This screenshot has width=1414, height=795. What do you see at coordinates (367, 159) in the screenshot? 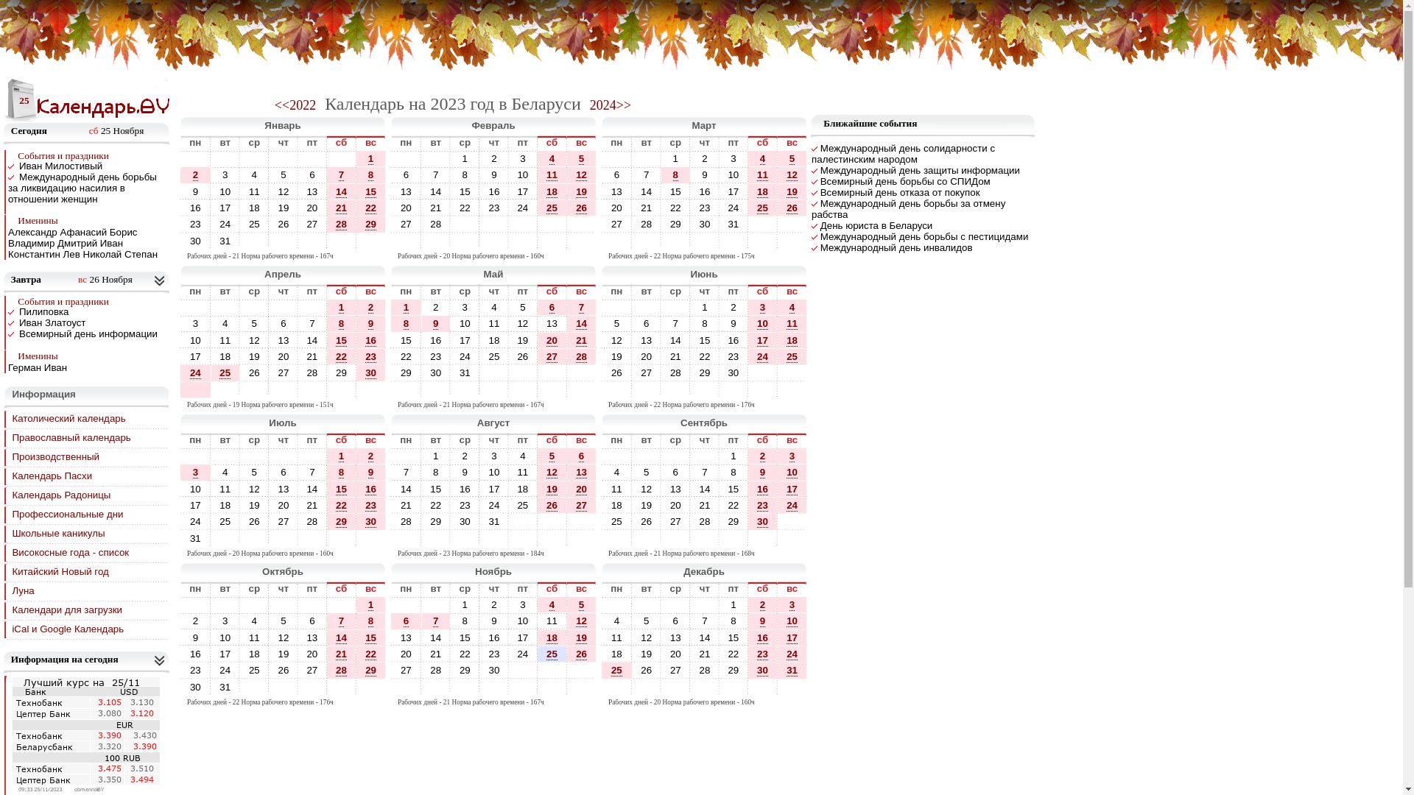
I see `'1'` at bounding box center [367, 159].